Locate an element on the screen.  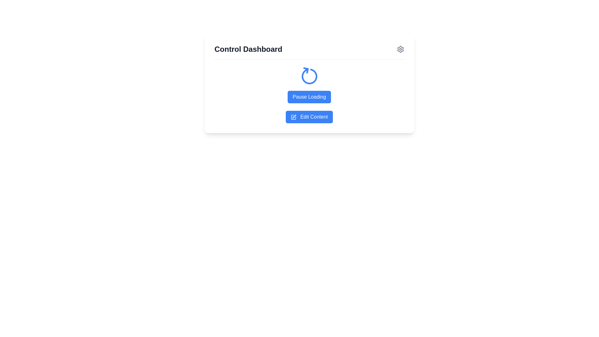
the small square pen tool icon with a blue background, located to the left of the 'Edit Content' button is located at coordinates (293, 117).